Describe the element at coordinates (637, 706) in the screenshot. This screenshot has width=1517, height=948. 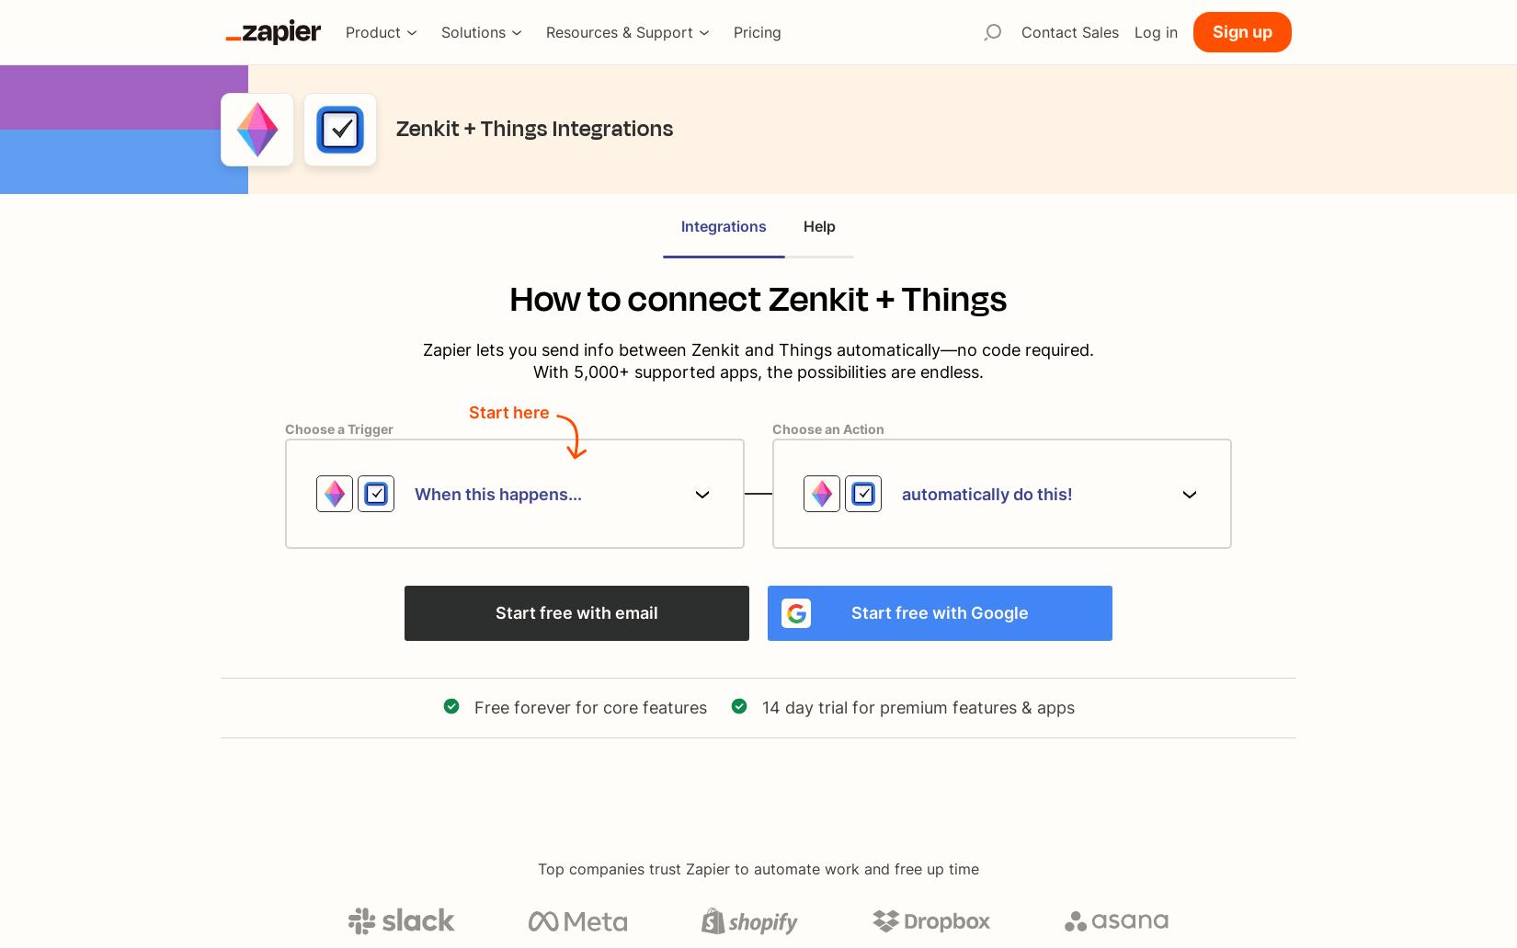
I see `'for core features'` at that location.